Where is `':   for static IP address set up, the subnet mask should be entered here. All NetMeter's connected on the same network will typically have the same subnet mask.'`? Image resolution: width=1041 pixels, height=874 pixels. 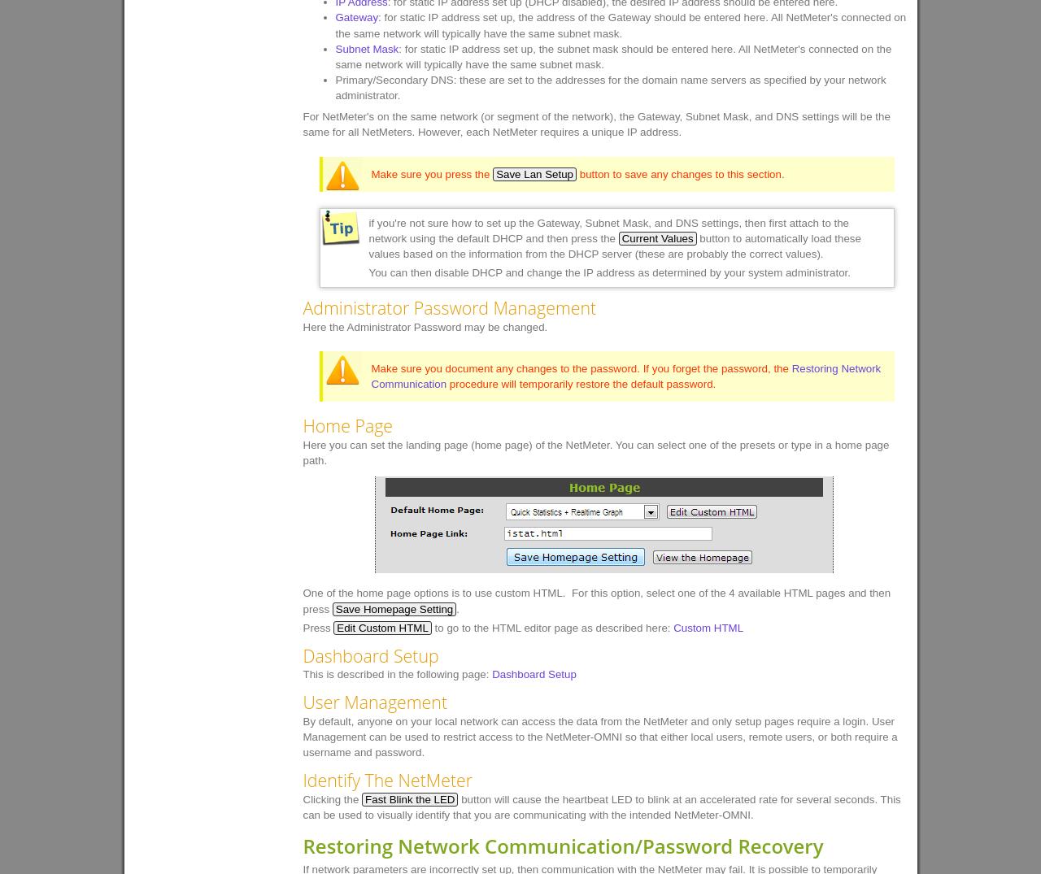
':   for static IP address set up, the subnet mask should be entered here. All NetMeter's connected on the same network will typically have the same subnet mask.' is located at coordinates (612, 56).